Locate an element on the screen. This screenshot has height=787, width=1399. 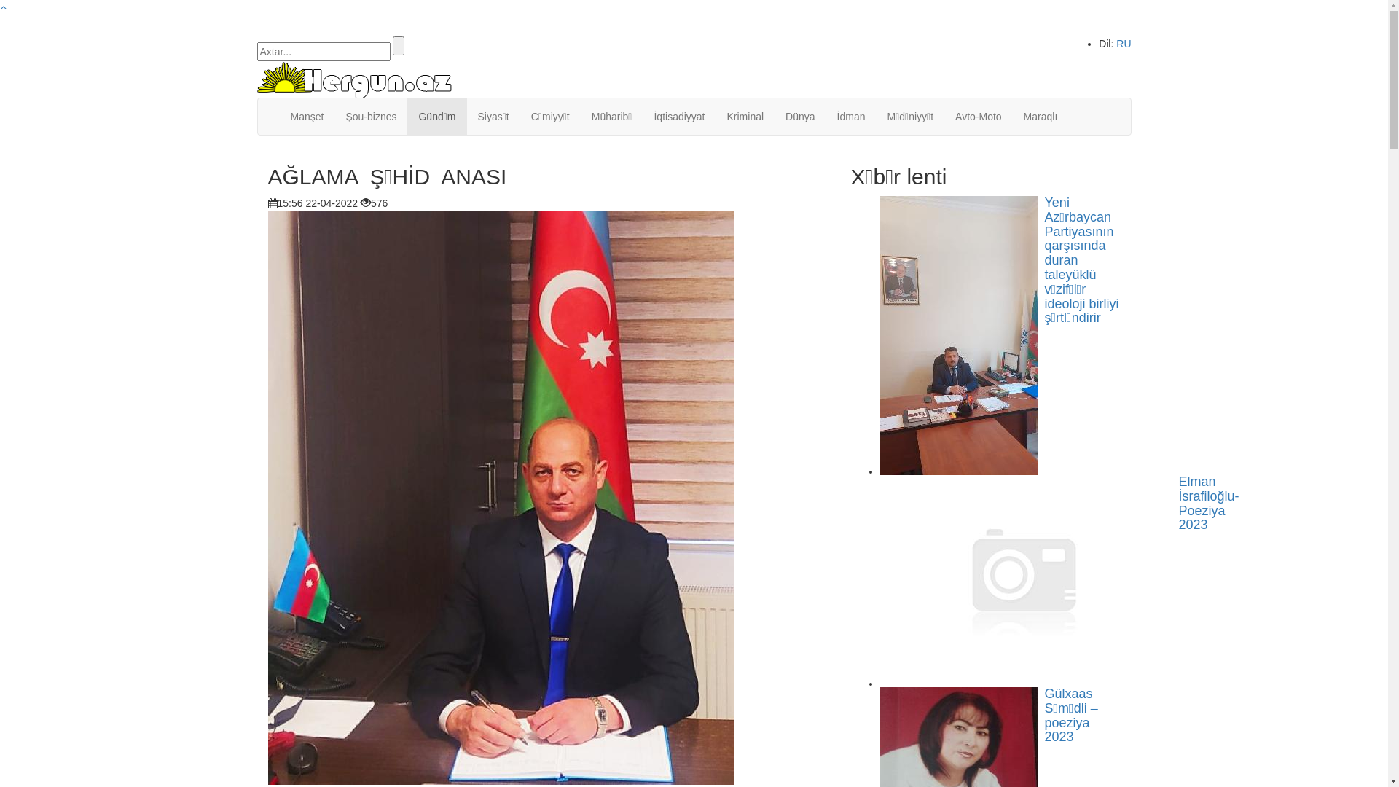
'Avto-Moto' is located at coordinates (979, 115).